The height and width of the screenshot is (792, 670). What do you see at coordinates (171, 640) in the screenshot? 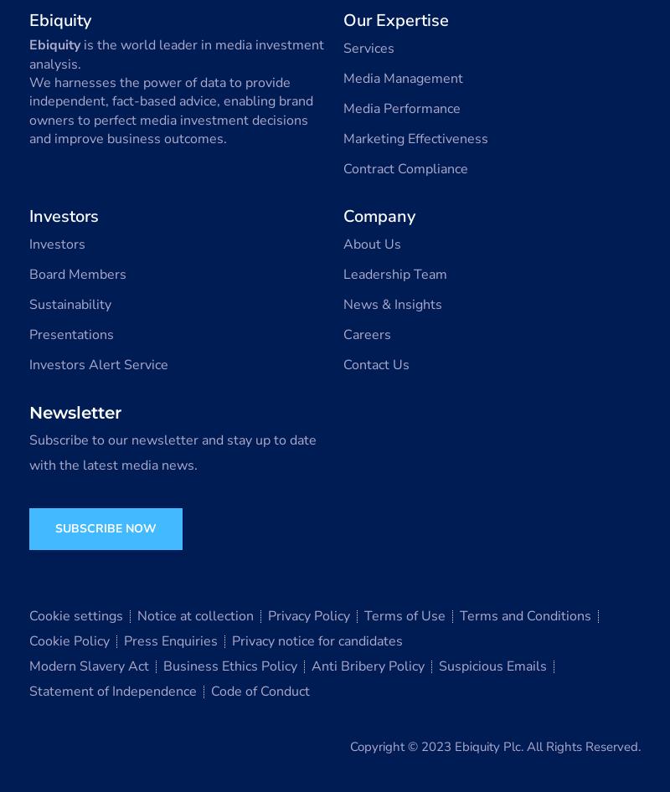
I see `'Press Enquiries'` at bounding box center [171, 640].